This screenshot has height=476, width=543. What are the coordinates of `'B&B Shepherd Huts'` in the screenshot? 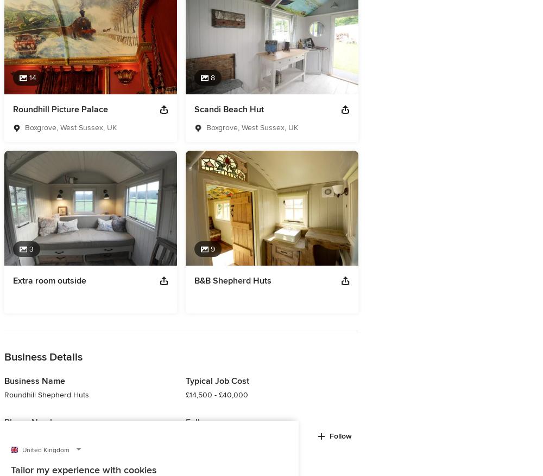 It's located at (233, 280).